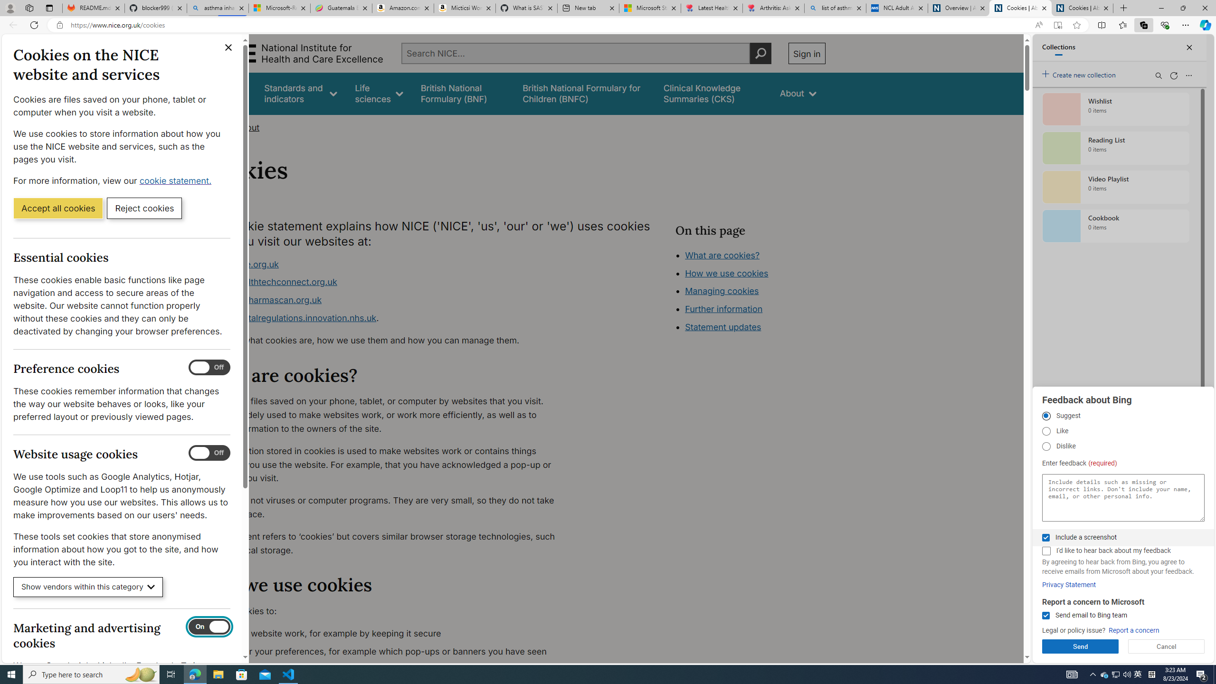 This screenshot has width=1216, height=684. What do you see at coordinates (1045, 416) in the screenshot?
I see `'Suggest'` at bounding box center [1045, 416].